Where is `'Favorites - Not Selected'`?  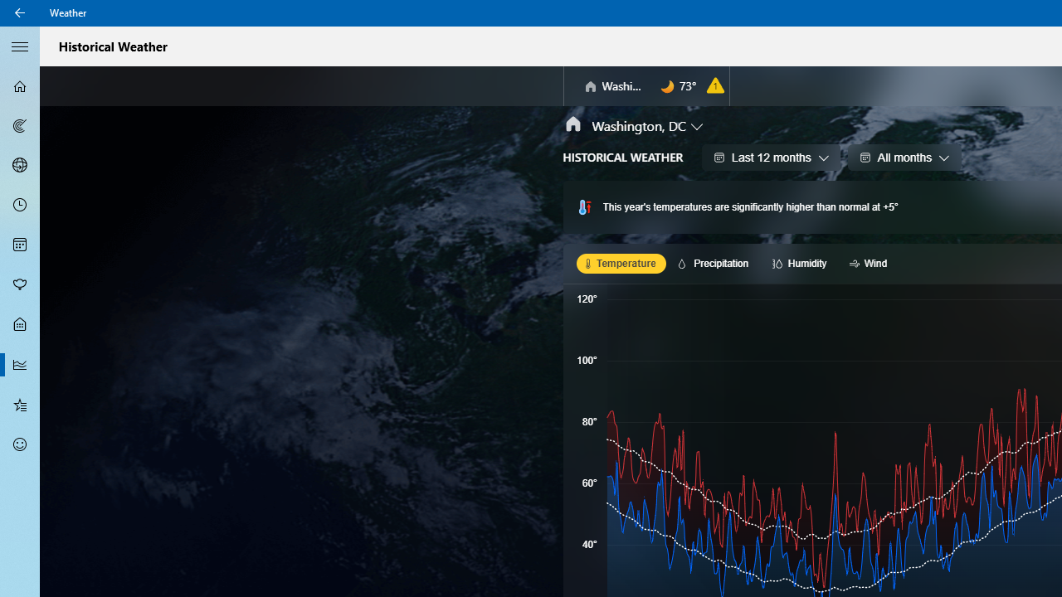 'Favorites - Not Selected' is located at coordinates (20, 404).